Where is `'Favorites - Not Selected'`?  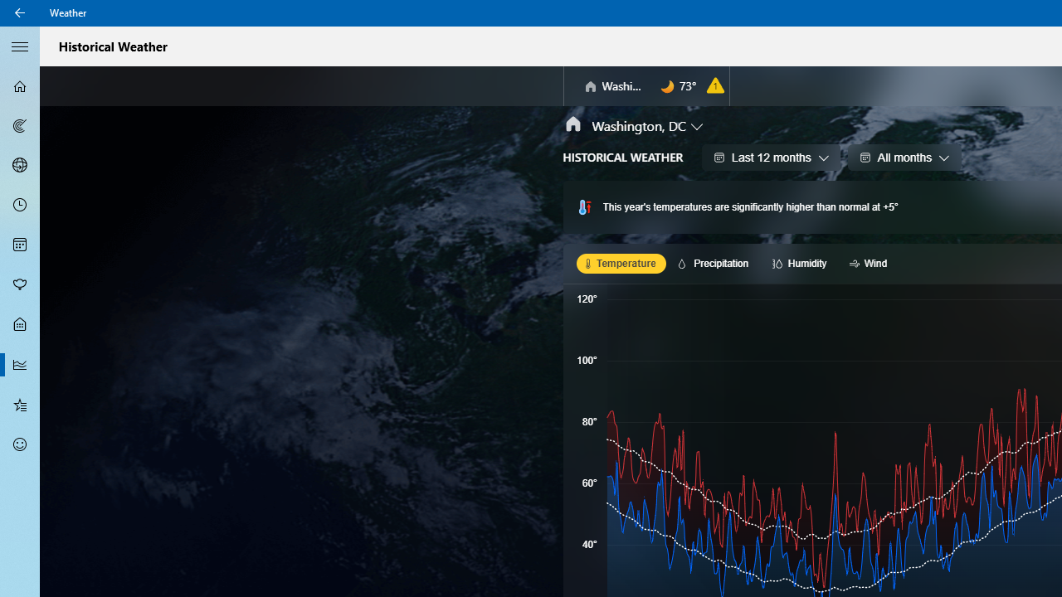 'Favorites - Not Selected' is located at coordinates (20, 404).